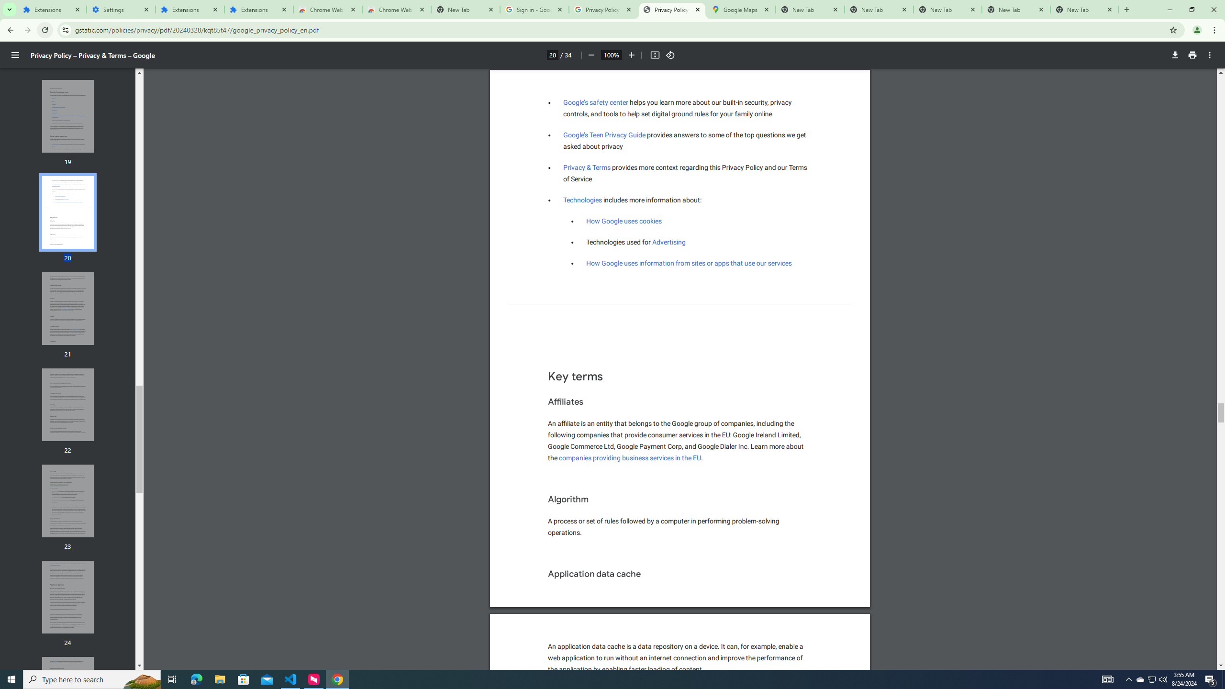 Image resolution: width=1225 pixels, height=689 pixels. I want to click on 'Zoom level', so click(611, 55).